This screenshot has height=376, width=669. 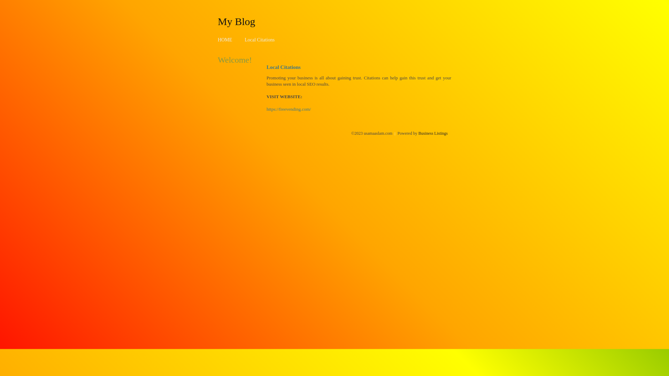 What do you see at coordinates (236, 21) in the screenshot?
I see `'My Blog'` at bounding box center [236, 21].